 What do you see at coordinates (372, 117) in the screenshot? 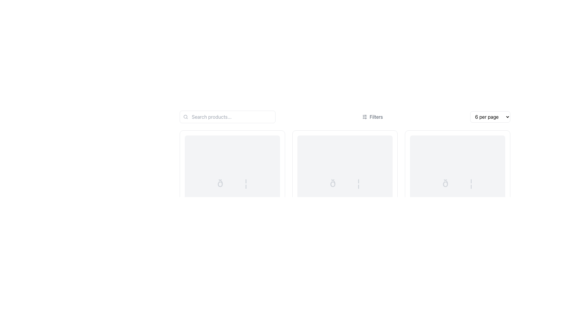
I see `the 'Filters' button, which is a horizontal button with light gray text on a white background, located to the right of a search bar and left of a dropdown menu labeled '6 per page'` at bounding box center [372, 117].